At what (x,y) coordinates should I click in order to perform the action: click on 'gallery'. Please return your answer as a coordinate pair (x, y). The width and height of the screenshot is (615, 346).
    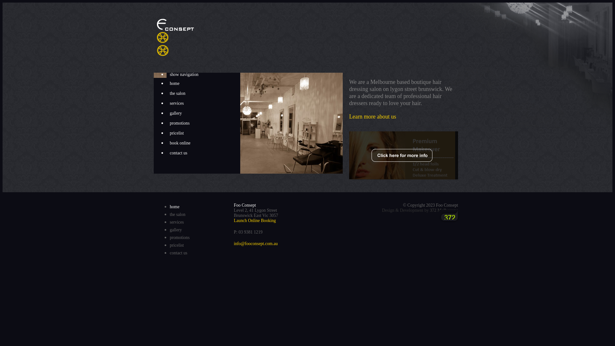
    Looking at the image, I should click on (203, 113).